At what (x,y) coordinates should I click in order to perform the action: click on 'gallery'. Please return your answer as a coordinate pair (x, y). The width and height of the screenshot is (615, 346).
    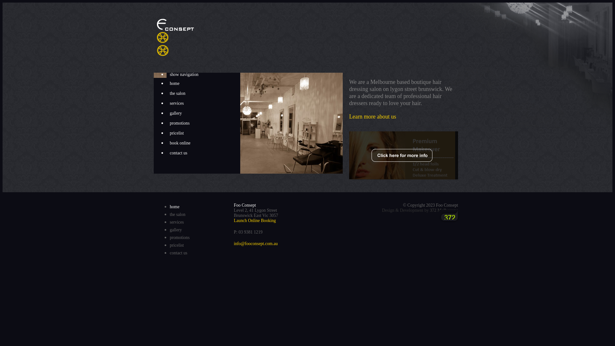
    Looking at the image, I should click on (203, 113).